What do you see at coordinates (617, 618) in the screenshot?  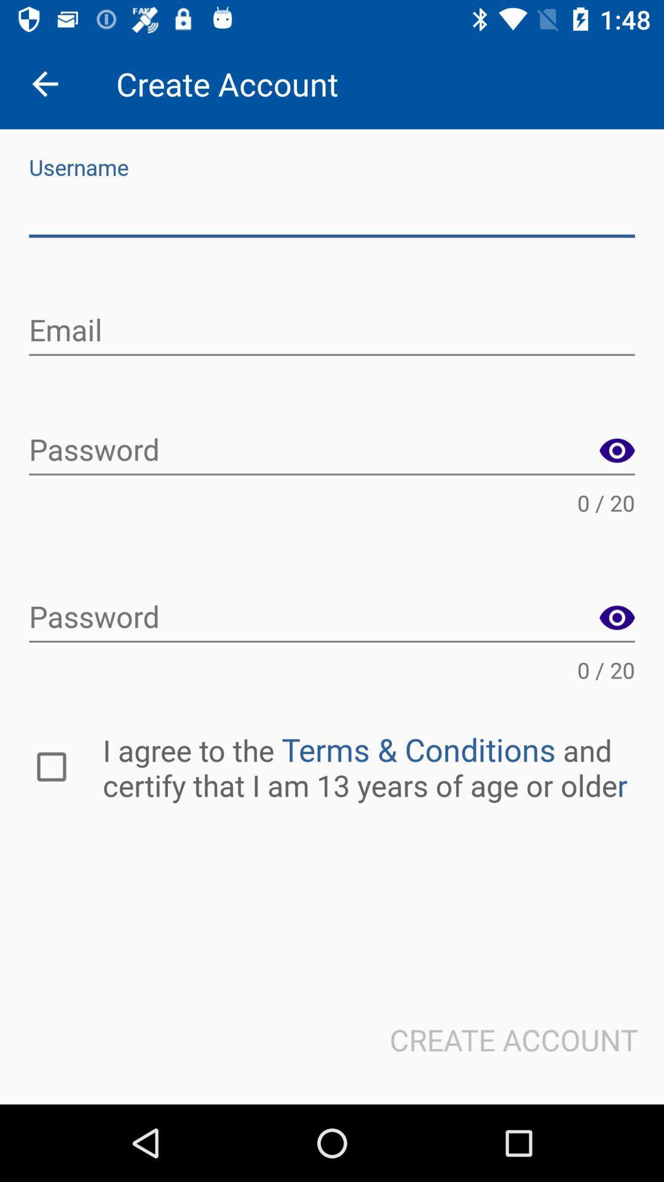 I see `to see password` at bounding box center [617, 618].